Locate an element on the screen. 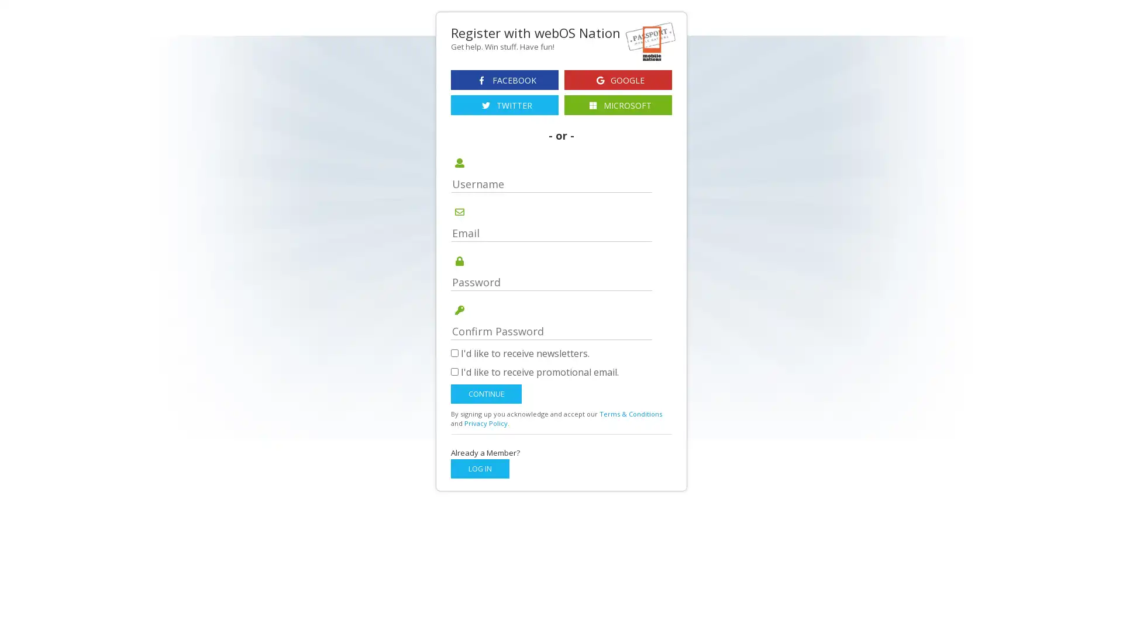 Image resolution: width=1123 pixels, height=631 pixels. Continue is located at coordinates (486, 393).